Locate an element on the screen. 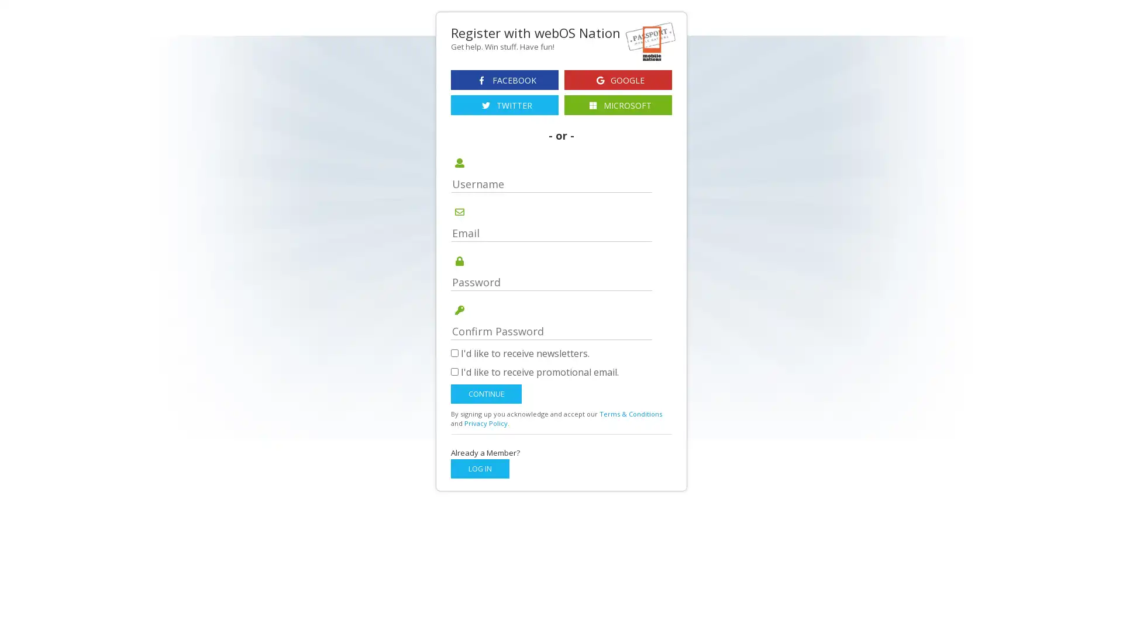 Image resolution: width=1123 pixels, height=631 pixels. Continue is located at coordinates (486, 393).